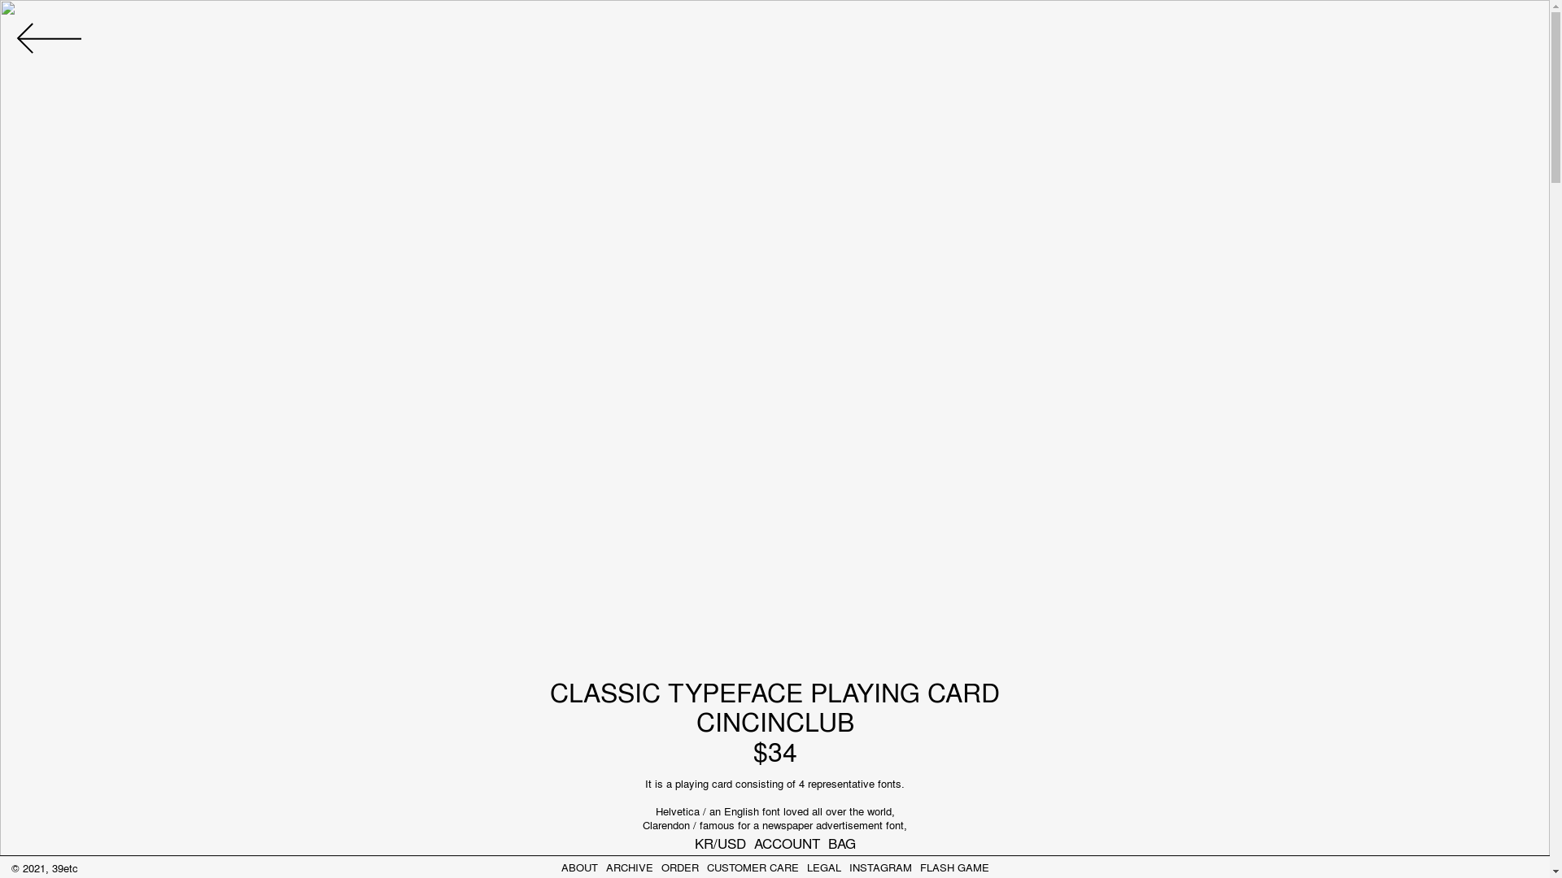  What do you see at coordinates (719, 841) in the screenshot?
I see `'KR/USD'` at bounding box center [719, 841].